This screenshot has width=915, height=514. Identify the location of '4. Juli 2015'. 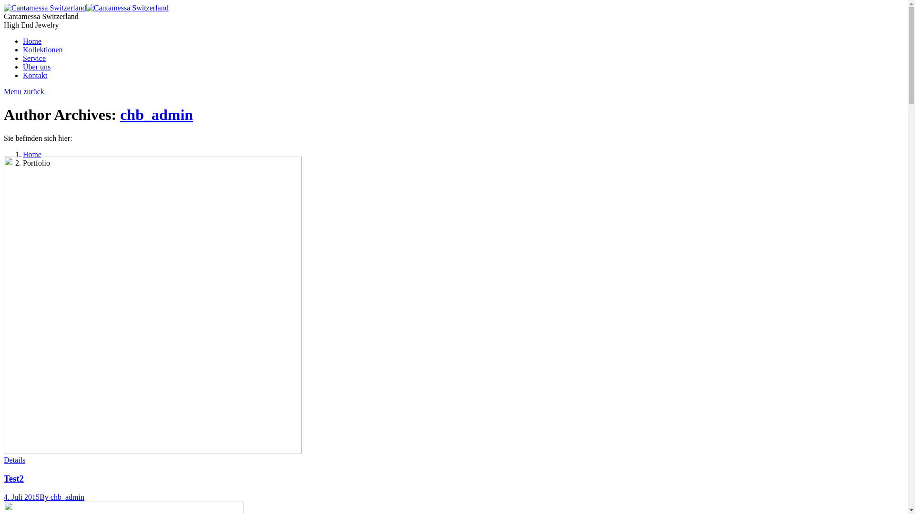
(21, 496).